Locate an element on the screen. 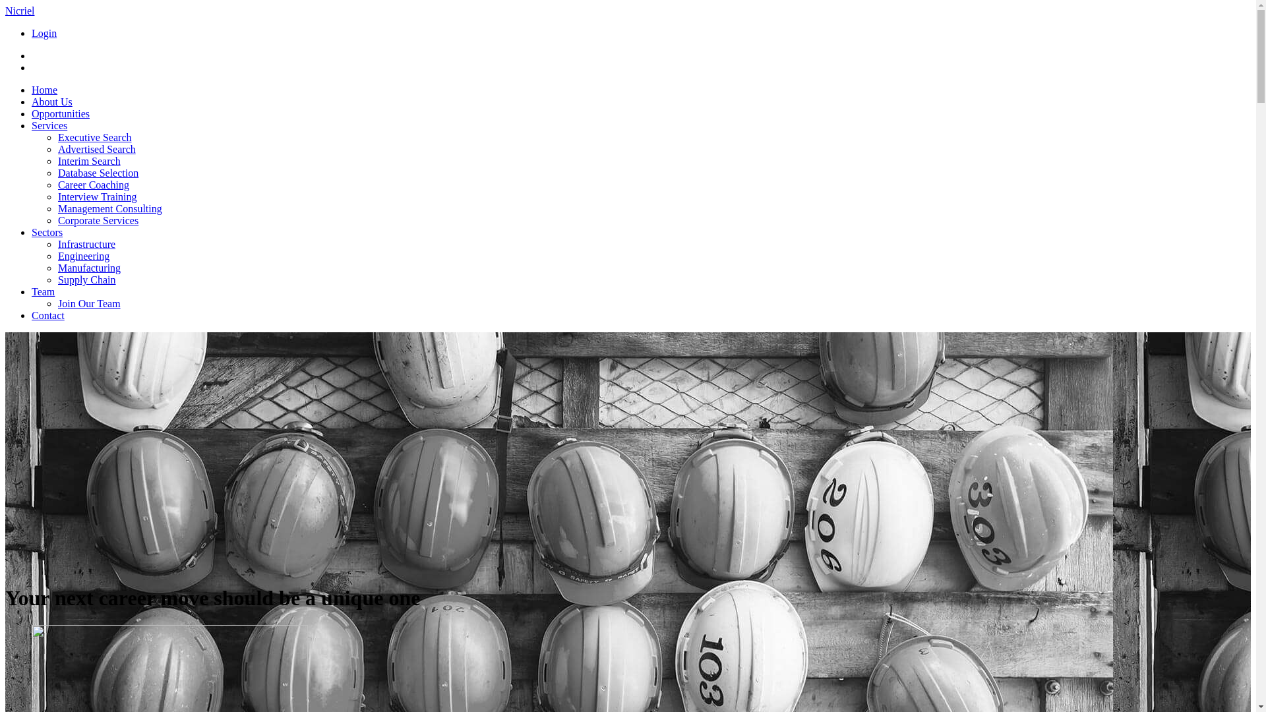 Image resolution: width=1266 pixels, height=712 pixels. 'Services' is located at coordinates (49, 125).